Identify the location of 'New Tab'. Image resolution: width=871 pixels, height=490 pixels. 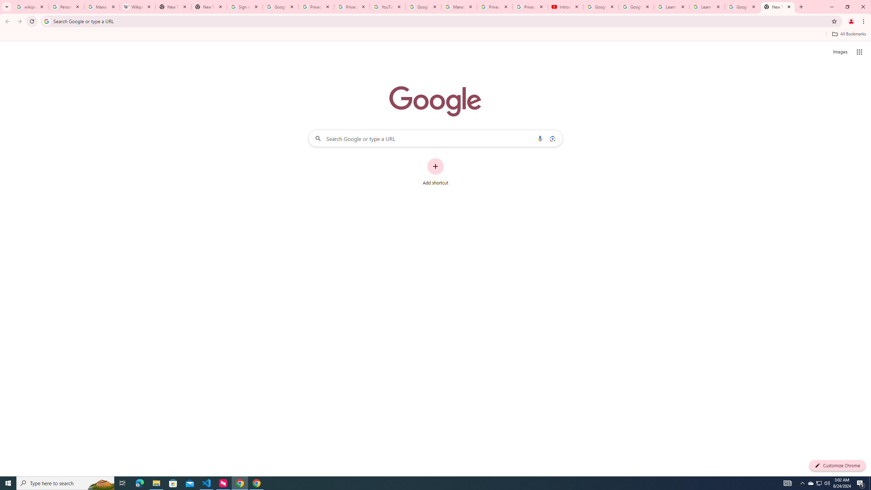
(778, 6).